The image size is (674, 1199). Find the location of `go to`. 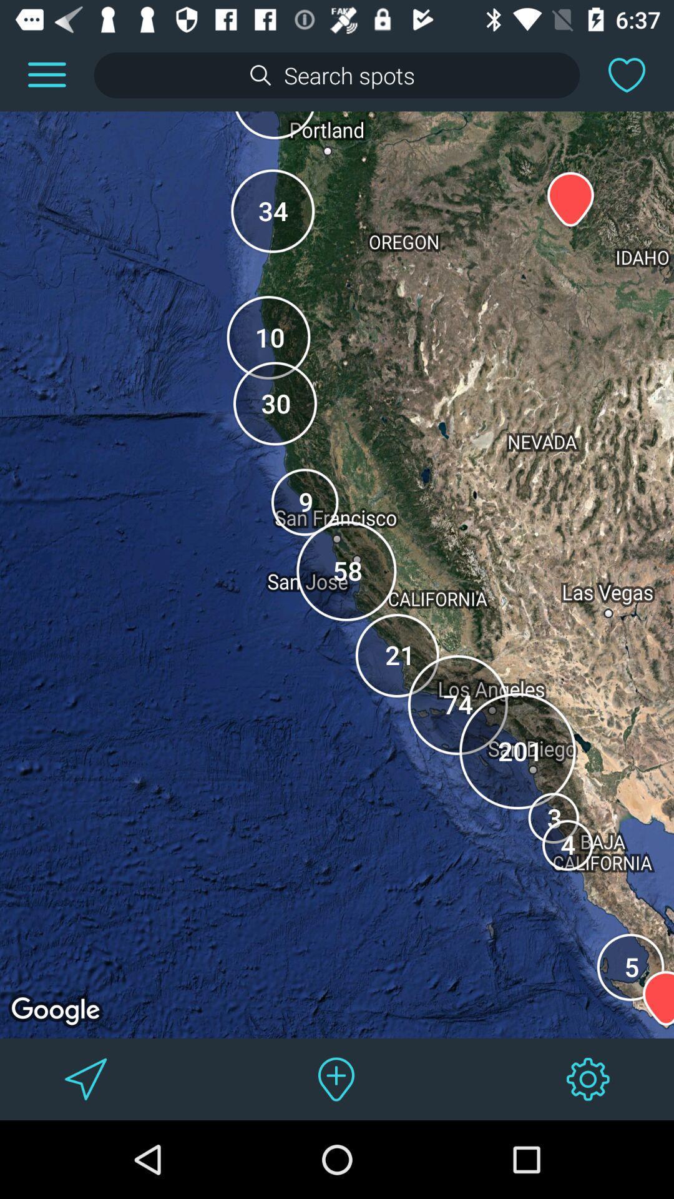

go to is located at coordinates (85, 1078).